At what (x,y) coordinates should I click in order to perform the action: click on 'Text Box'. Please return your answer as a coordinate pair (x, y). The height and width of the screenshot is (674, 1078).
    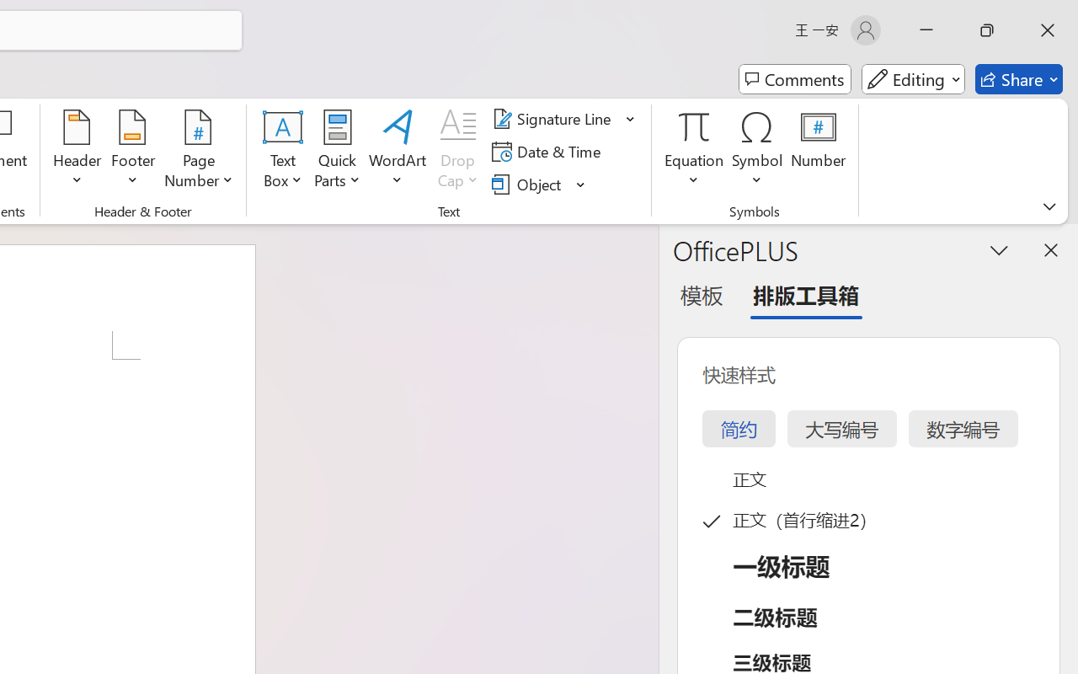
    Looking at the image, I should click on (283, 151).